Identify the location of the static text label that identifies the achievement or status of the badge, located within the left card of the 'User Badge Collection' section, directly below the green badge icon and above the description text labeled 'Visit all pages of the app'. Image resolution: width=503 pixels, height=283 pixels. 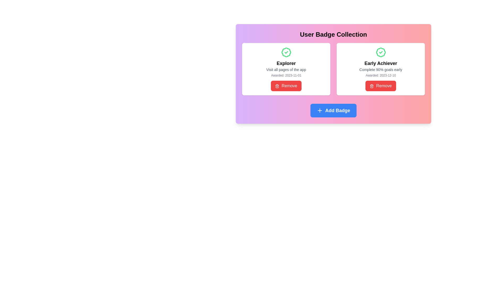
(286, 63).